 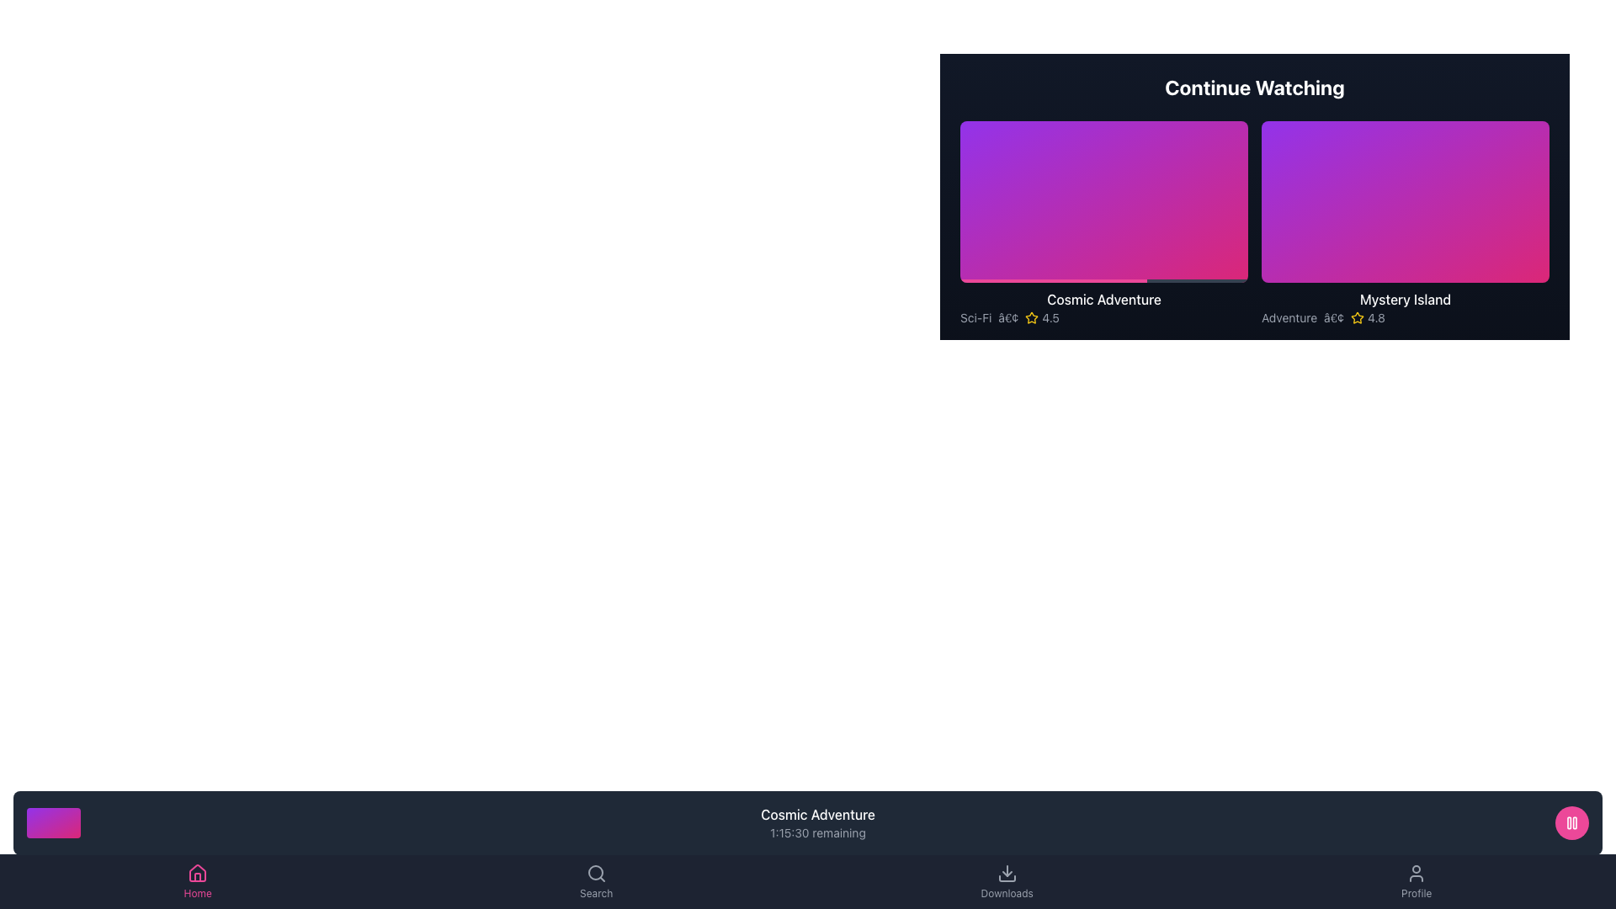 What do you see at coordinates (1571, 822) in the screenshot?
I see `the circular pink button with a pause symbol located in the bottom-right corner of the interface` at bounding box center [1571, 822].